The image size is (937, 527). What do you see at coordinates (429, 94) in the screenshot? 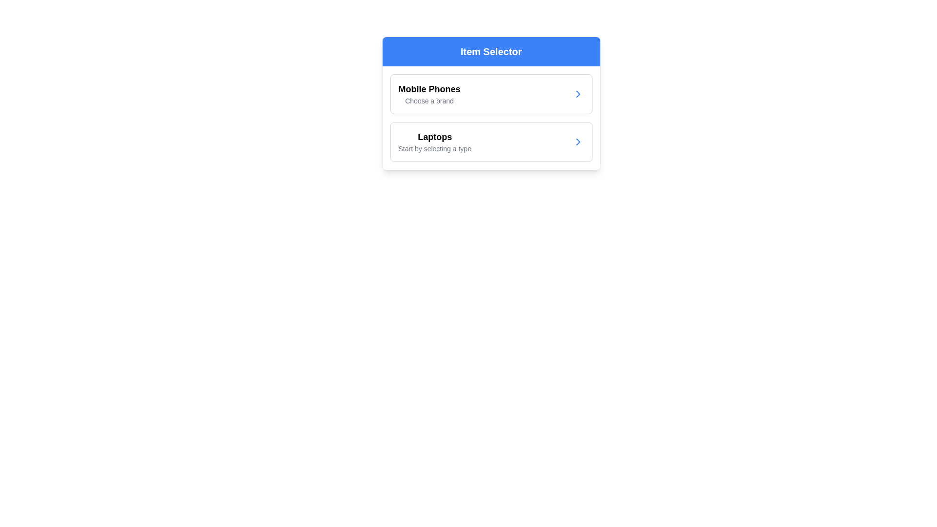
I see `the descriptive label for the selection of mobile phone brands located under the heading 'Item Selector'` at bounding box center [429, 94].